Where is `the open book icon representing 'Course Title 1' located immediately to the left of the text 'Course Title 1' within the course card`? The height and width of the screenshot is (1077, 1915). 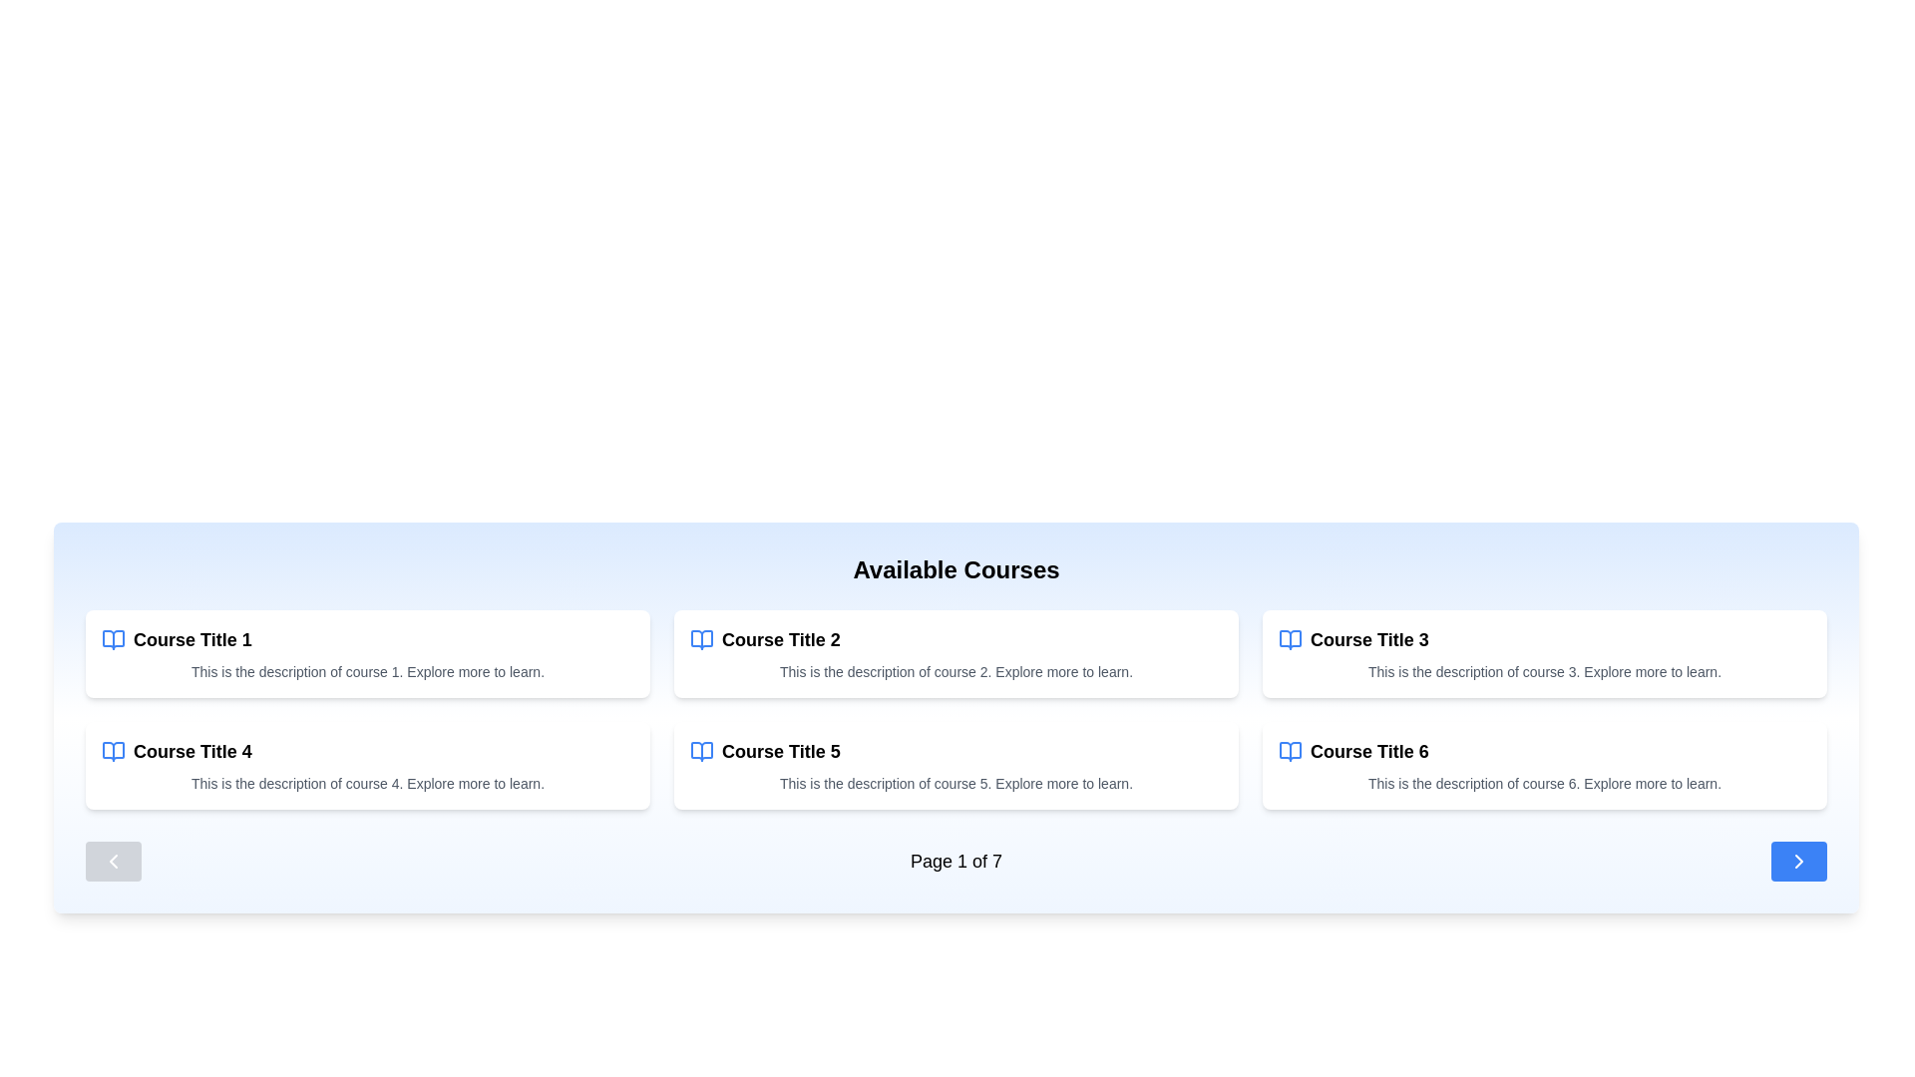
the open book icon representing 'Course Title 1' located immediately to the left of the text 'Course Title 1' within the course card is located at coordinates (113, 639).